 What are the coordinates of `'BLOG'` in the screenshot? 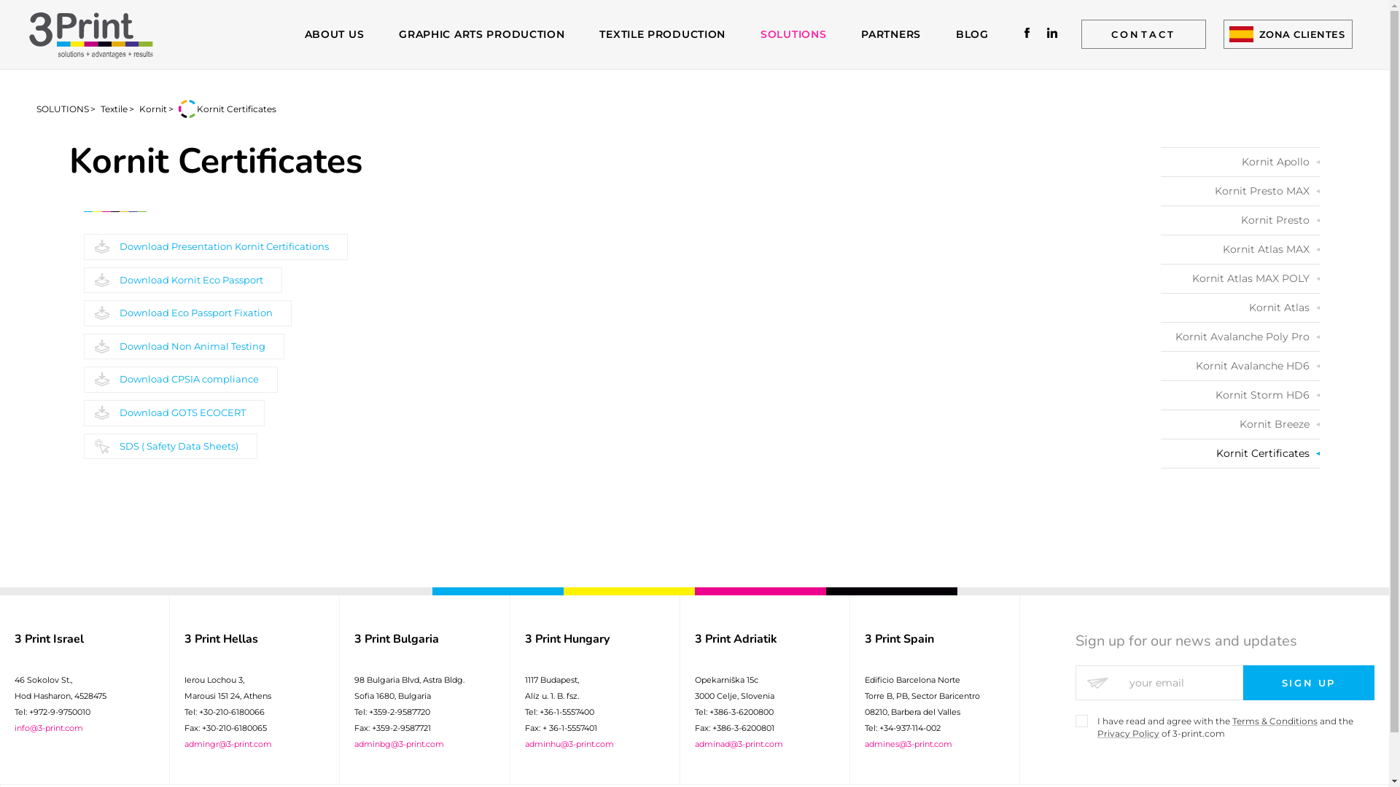 It's located at (972, 33).